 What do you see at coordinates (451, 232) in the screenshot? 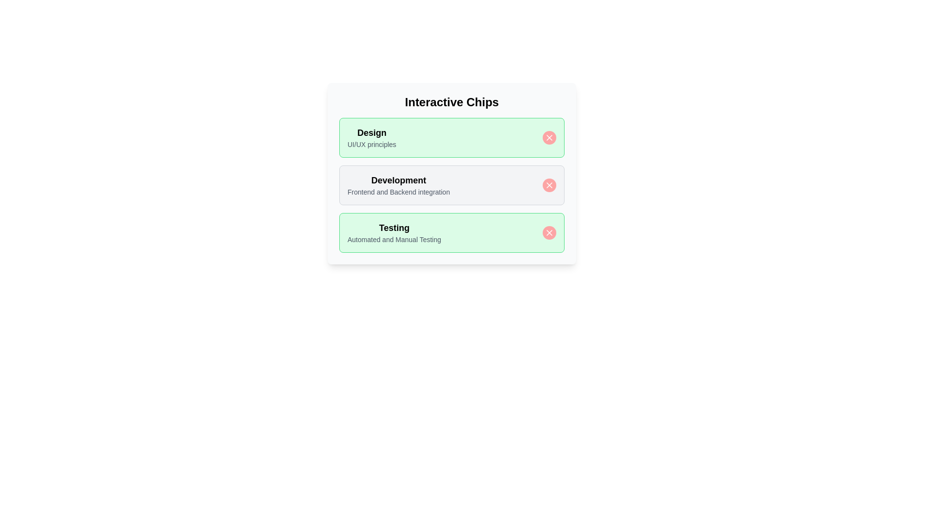
I see `the chip labeled 'Testing' to trigger its hover animation` at bounding box center [451, 232].